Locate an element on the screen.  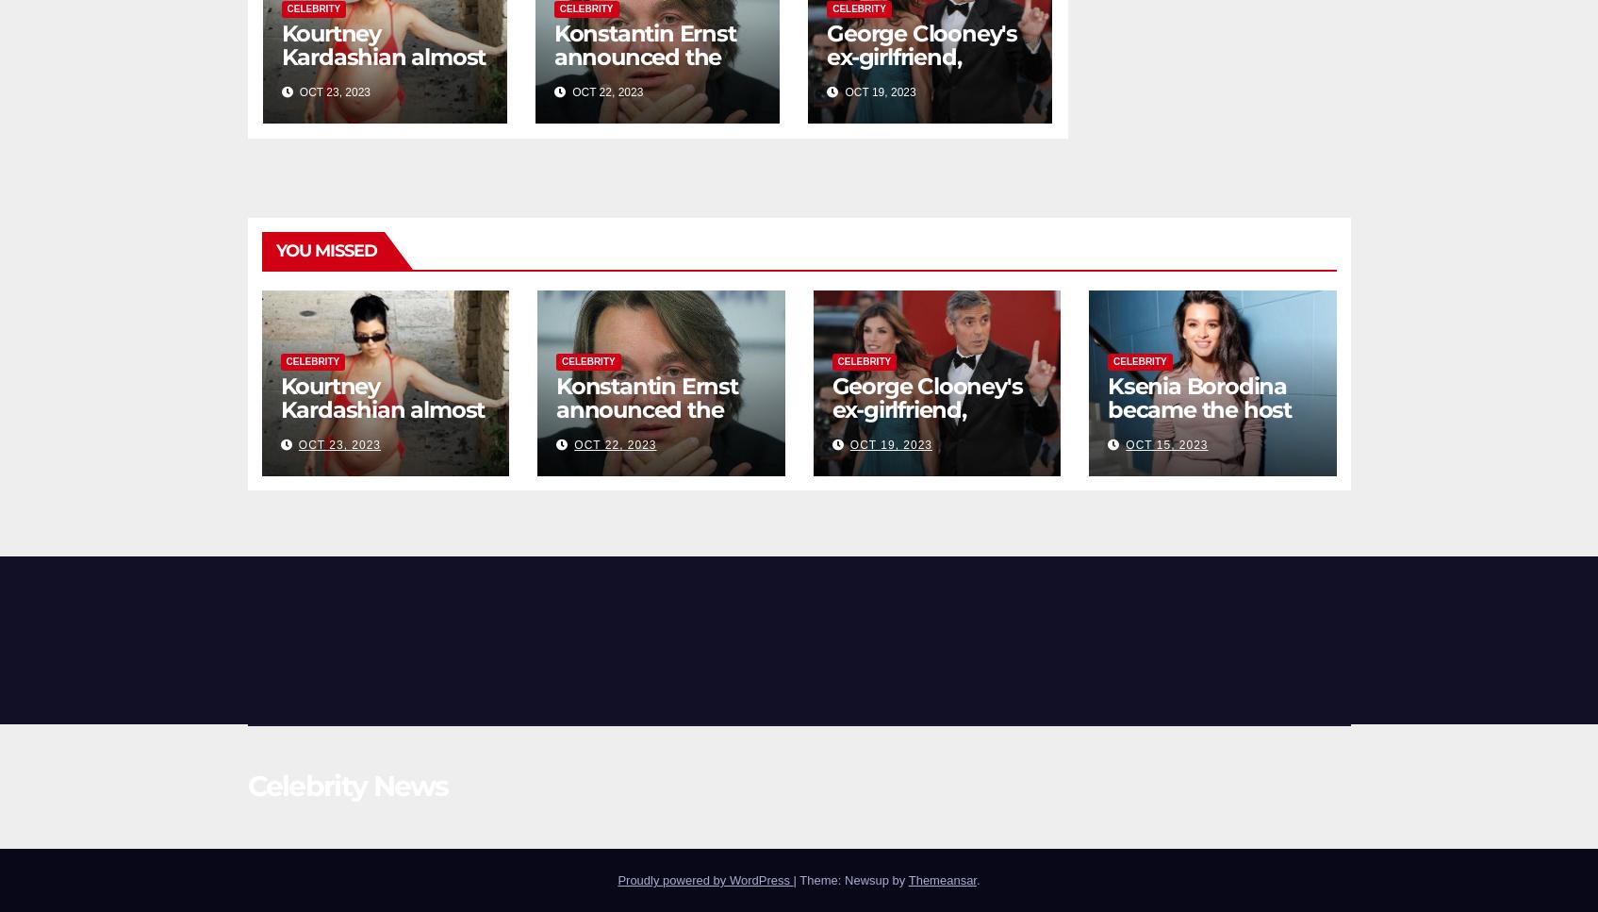
'Themeansar' is located at coordinates (941, 879).